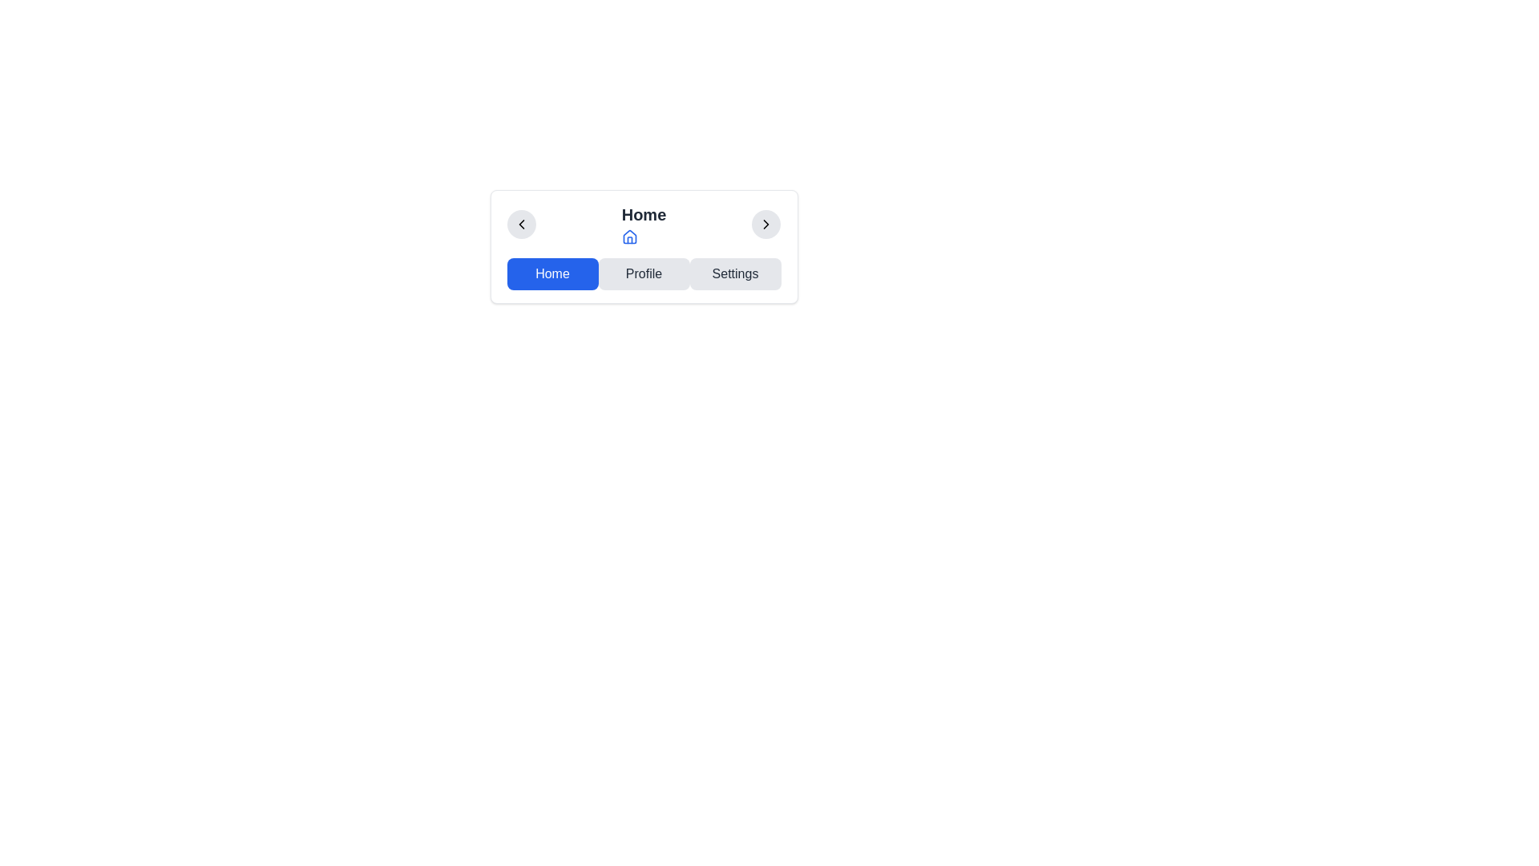 Image resolution: width=1539 pixels, height=866 pixels. Describe the element at coordinates (552, 273) in the screenshot. I see `the leftmost button in the row of three buttons` at that location.